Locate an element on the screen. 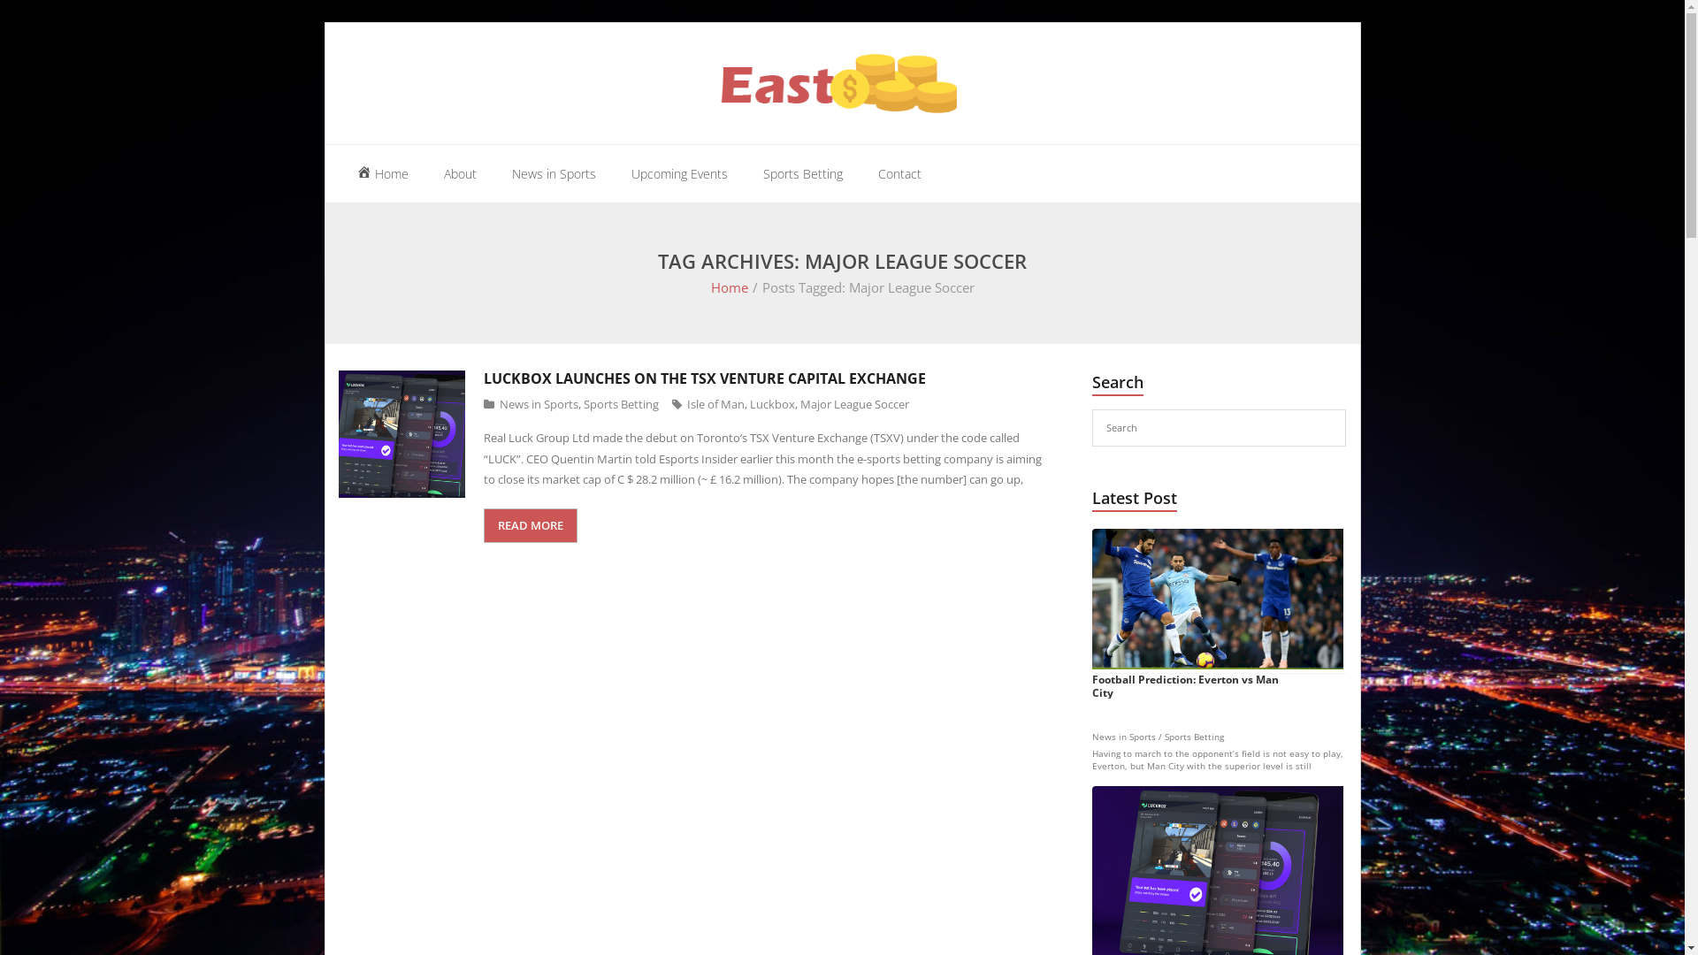 This screenshot has height=955, width=1698. 'News in Sports' is located at coordinates (553, 173).